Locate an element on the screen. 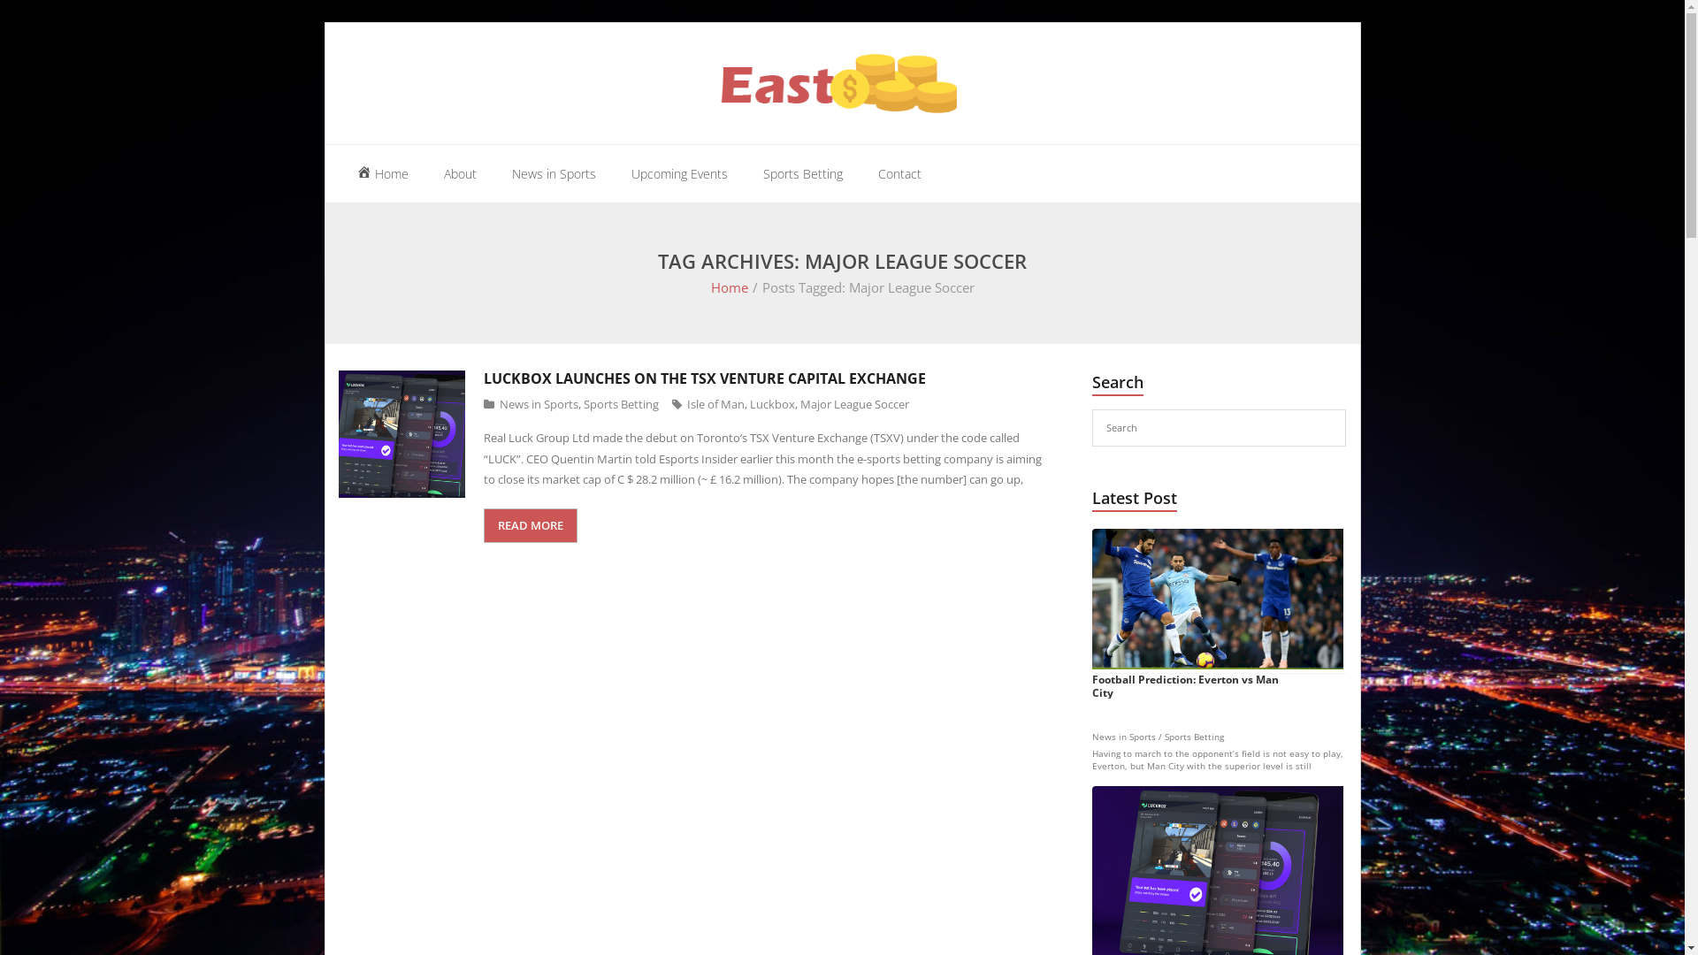 This screenshot has height=955, width=1698. 'News in Sports' is located at coordinates (553, 173).